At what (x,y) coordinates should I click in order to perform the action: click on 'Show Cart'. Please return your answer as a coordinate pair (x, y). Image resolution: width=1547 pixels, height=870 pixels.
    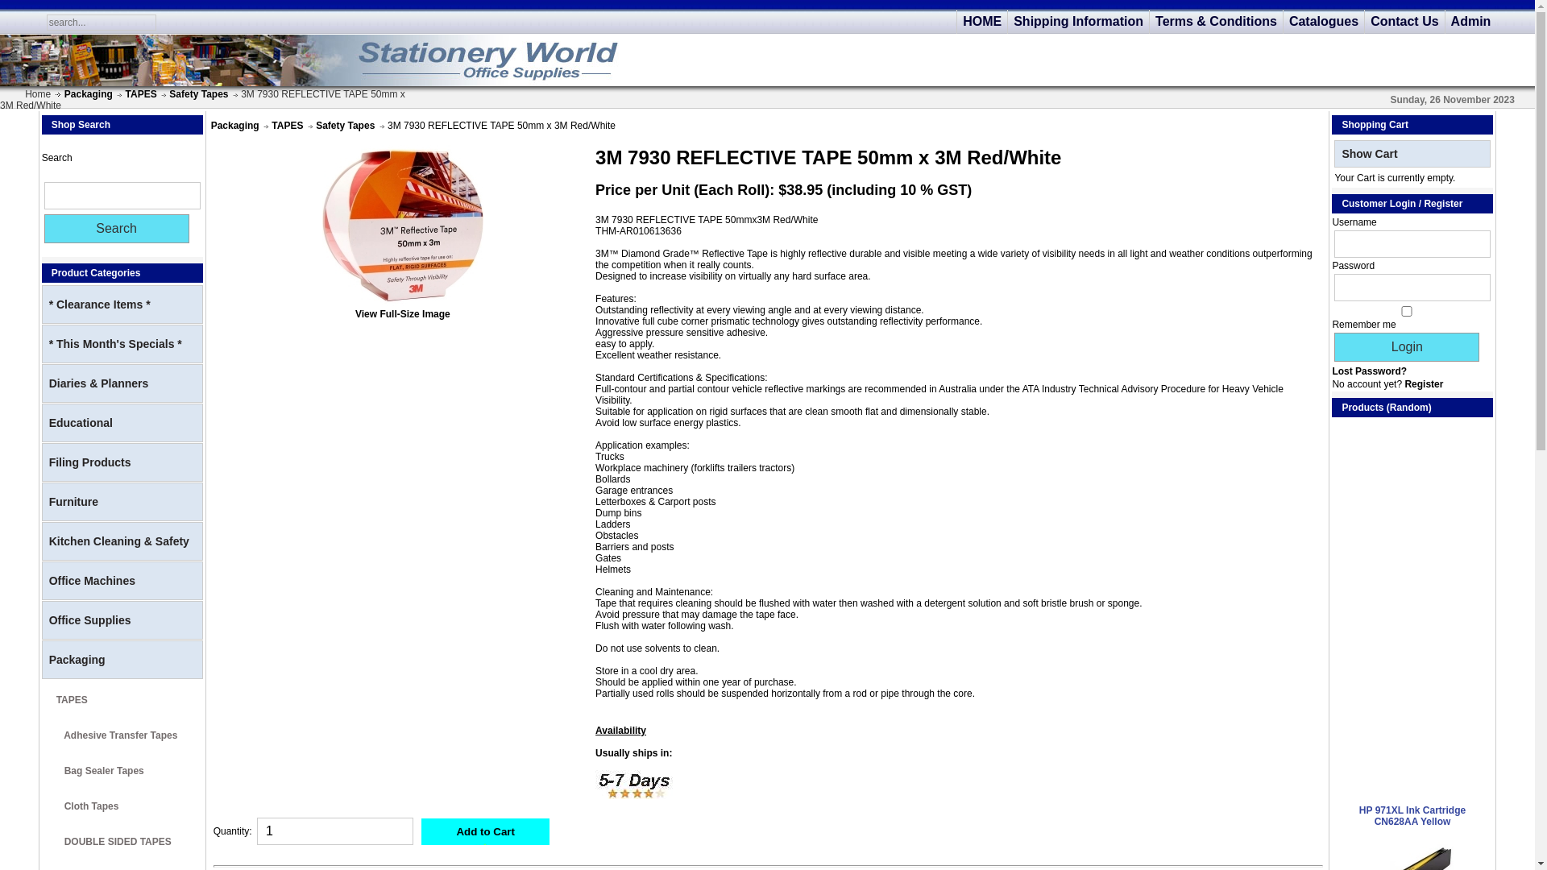
    Looking at the image, I should click on (1411, 154).